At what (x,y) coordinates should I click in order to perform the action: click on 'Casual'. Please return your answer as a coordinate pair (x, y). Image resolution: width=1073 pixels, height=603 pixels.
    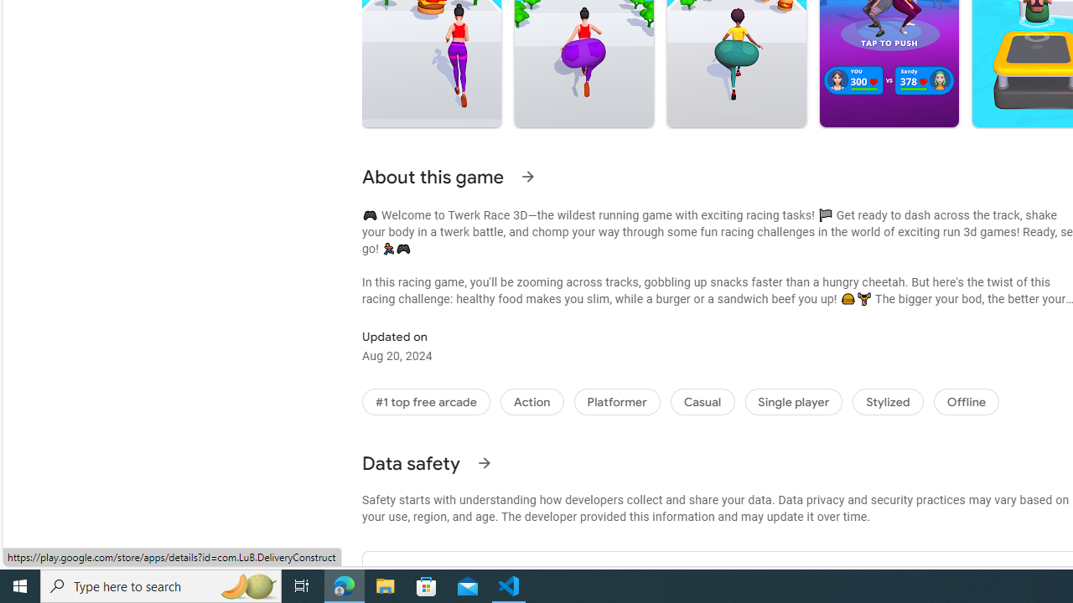
    Looking at the image, I should click on (702, 402).